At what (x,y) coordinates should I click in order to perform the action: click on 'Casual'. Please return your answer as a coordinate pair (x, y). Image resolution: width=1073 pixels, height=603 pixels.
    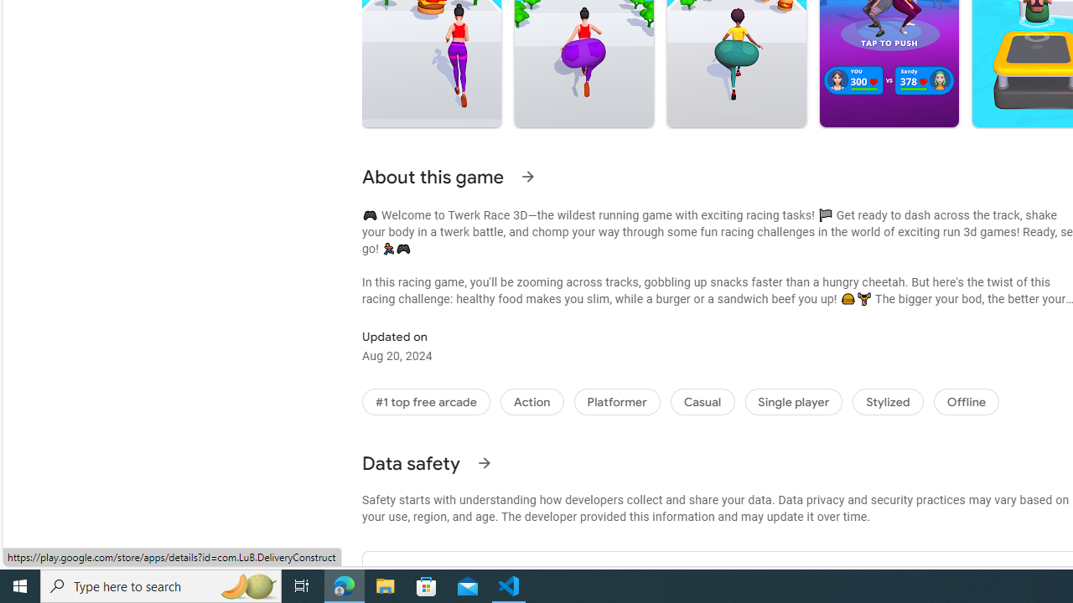
    Looking at the image, I should click on (702, 402).